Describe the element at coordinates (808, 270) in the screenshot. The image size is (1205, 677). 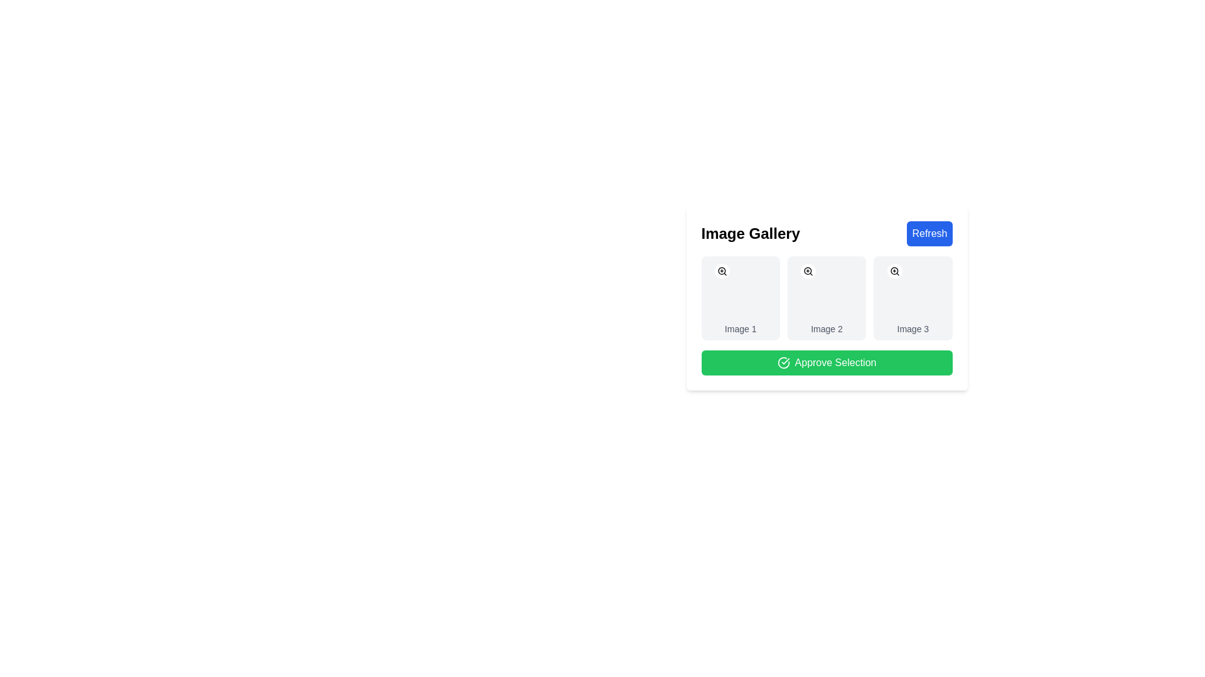
I see `the rounded button with a magnifying glass icon located at the top-left of the second image in the image gallery` at that location.